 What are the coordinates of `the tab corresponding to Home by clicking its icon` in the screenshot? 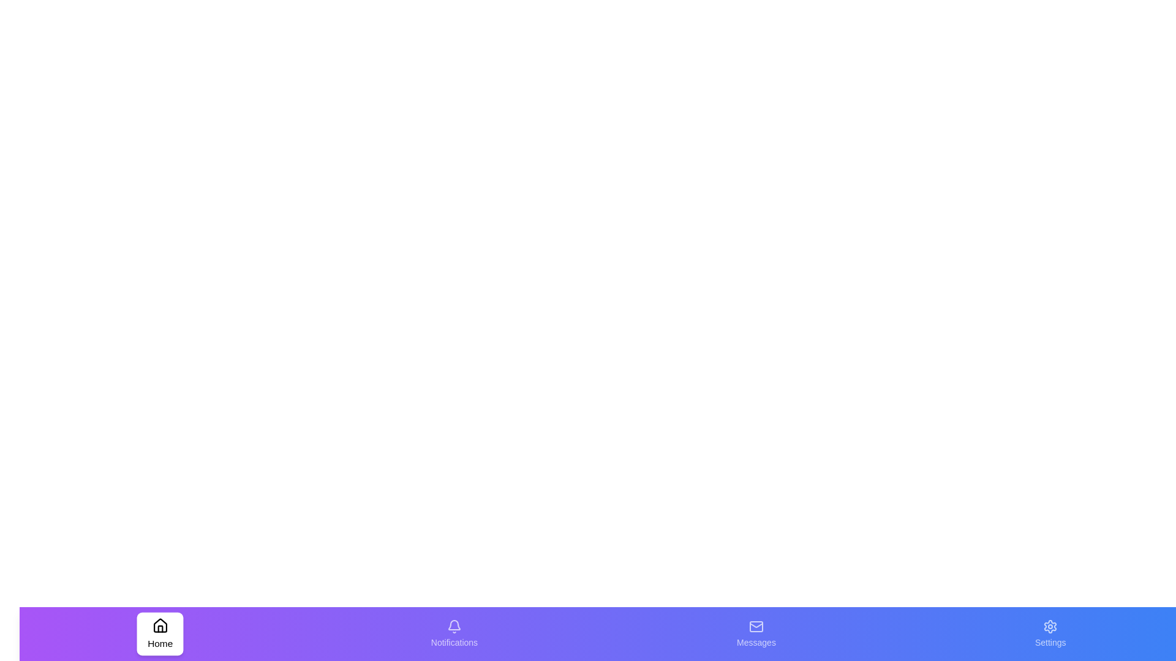 It's located at (160, 633).